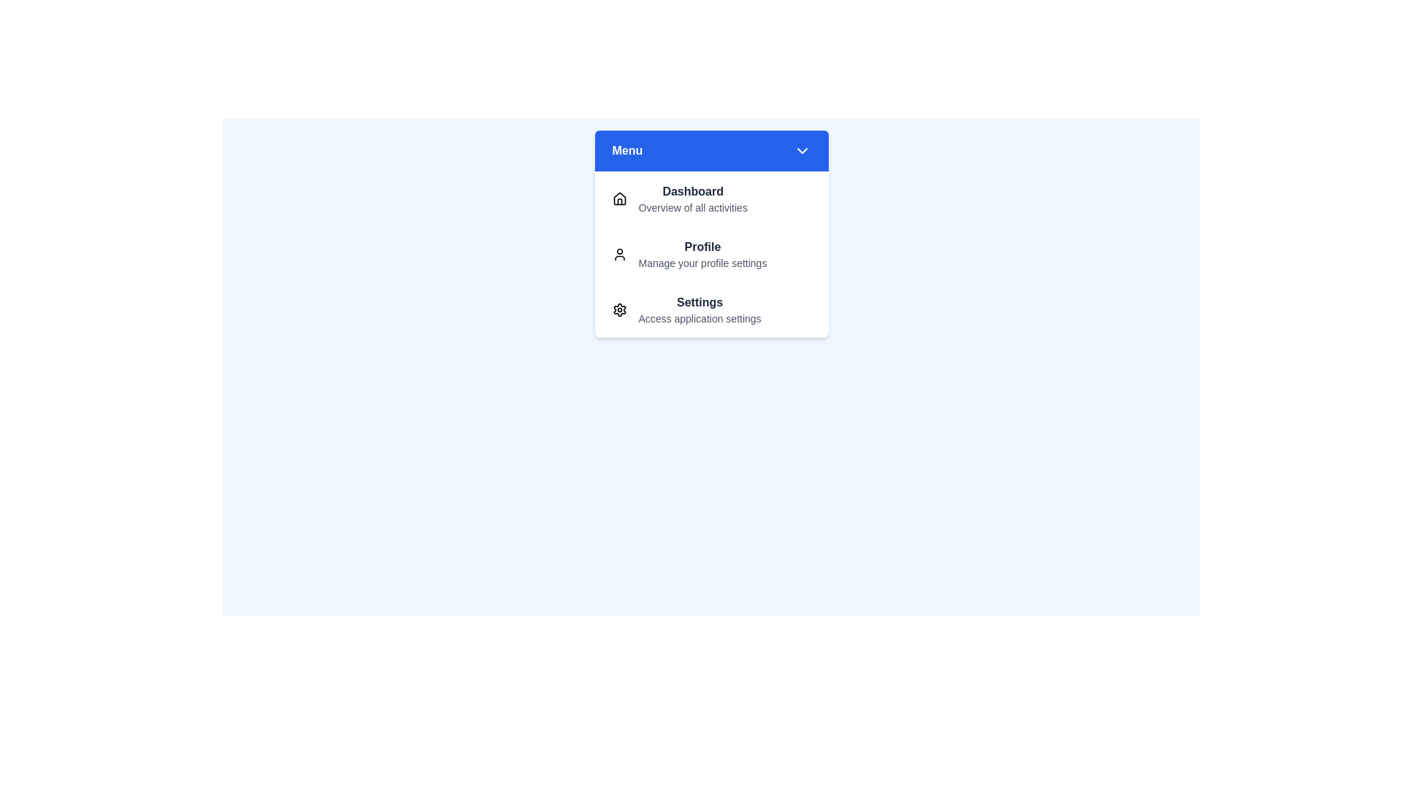 The width and height of the screenshot is (1402, 788). I want to click on the menu item corresponding to Profile, so click(711, 253).